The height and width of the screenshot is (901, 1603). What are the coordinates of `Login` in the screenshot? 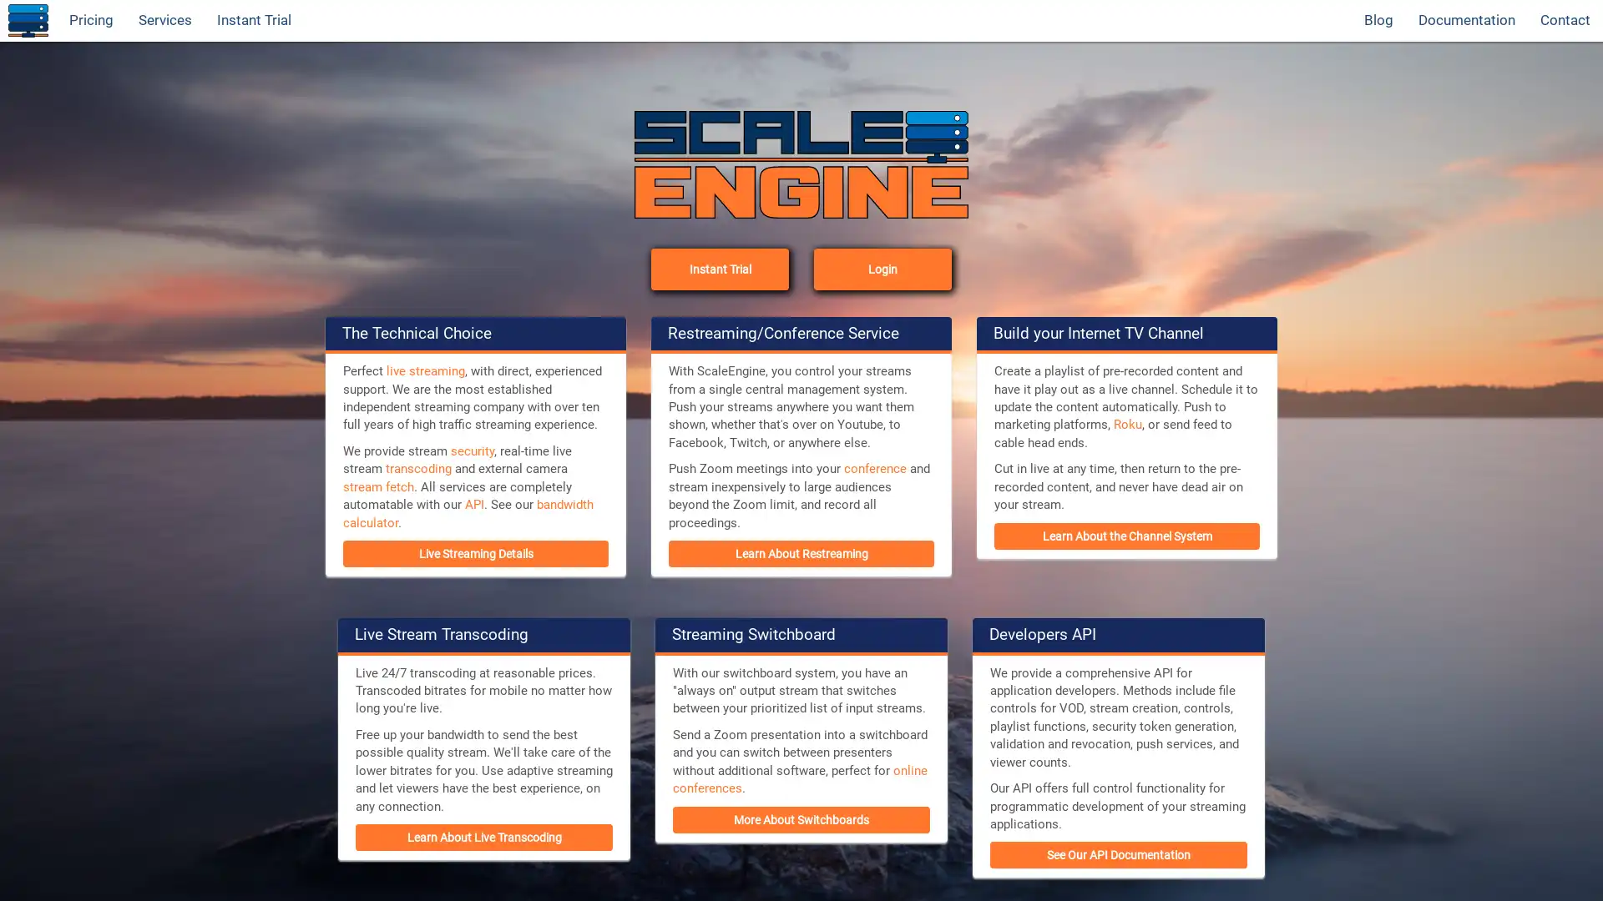 It's located at (882, 267).